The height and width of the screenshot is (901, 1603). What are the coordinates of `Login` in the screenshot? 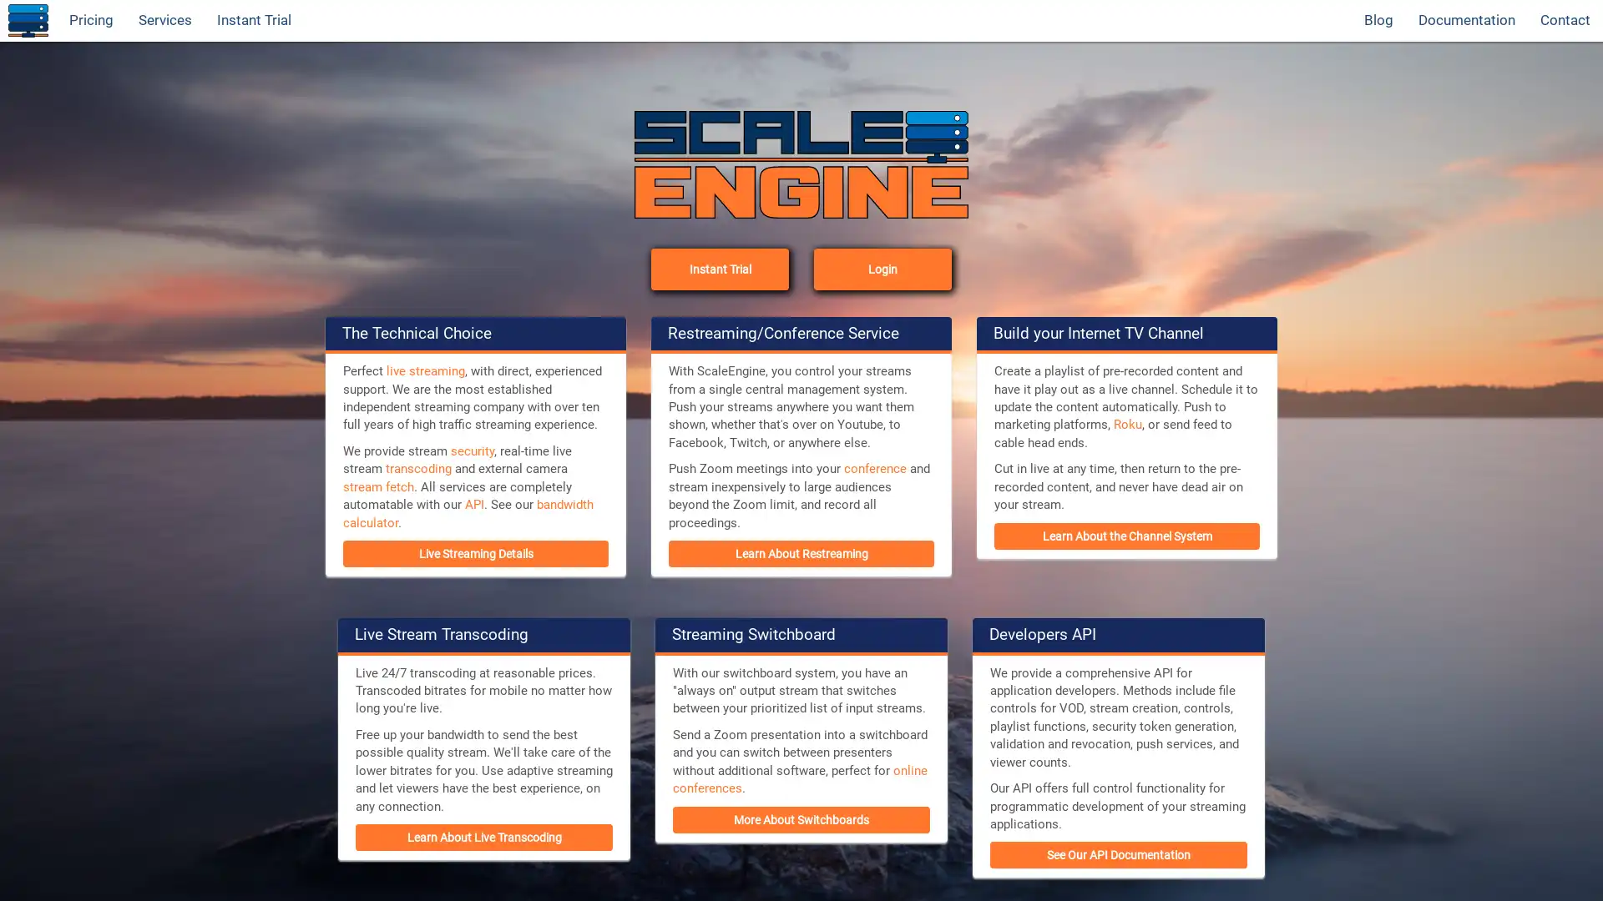 It's located at (882, 267).